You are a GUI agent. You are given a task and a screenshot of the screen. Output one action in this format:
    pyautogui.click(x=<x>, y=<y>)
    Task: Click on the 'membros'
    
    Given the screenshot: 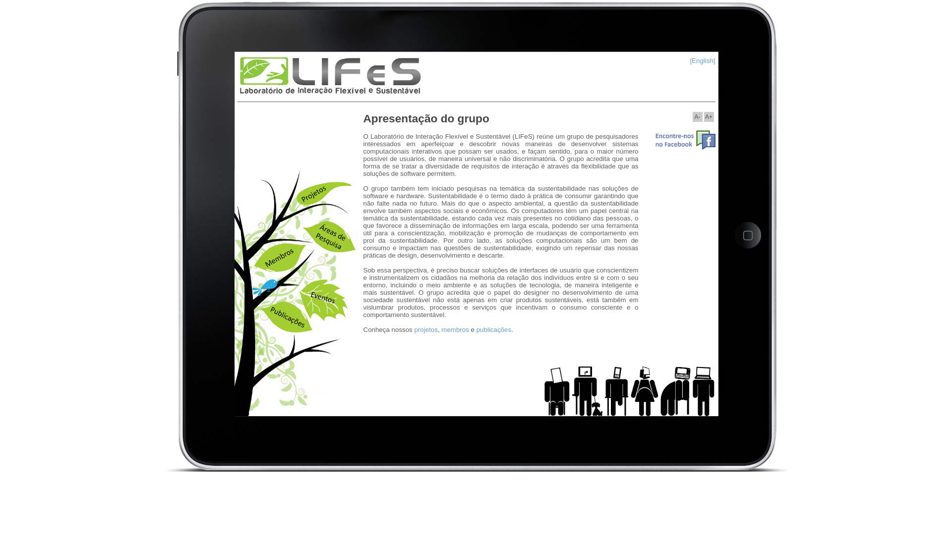 What is the action you would take?
    pyautogui.click(x=454, y=329)
    